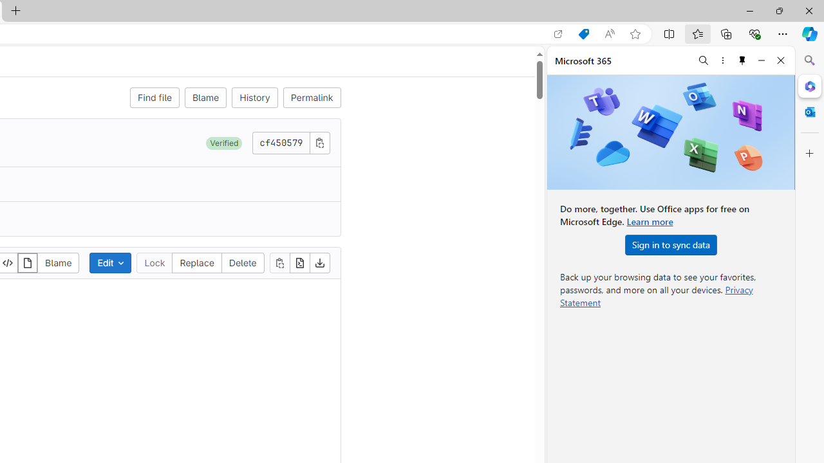  Describe the element at coordinates (279, 262) in the screenshot. I see `'Copy file contents'` at that location.